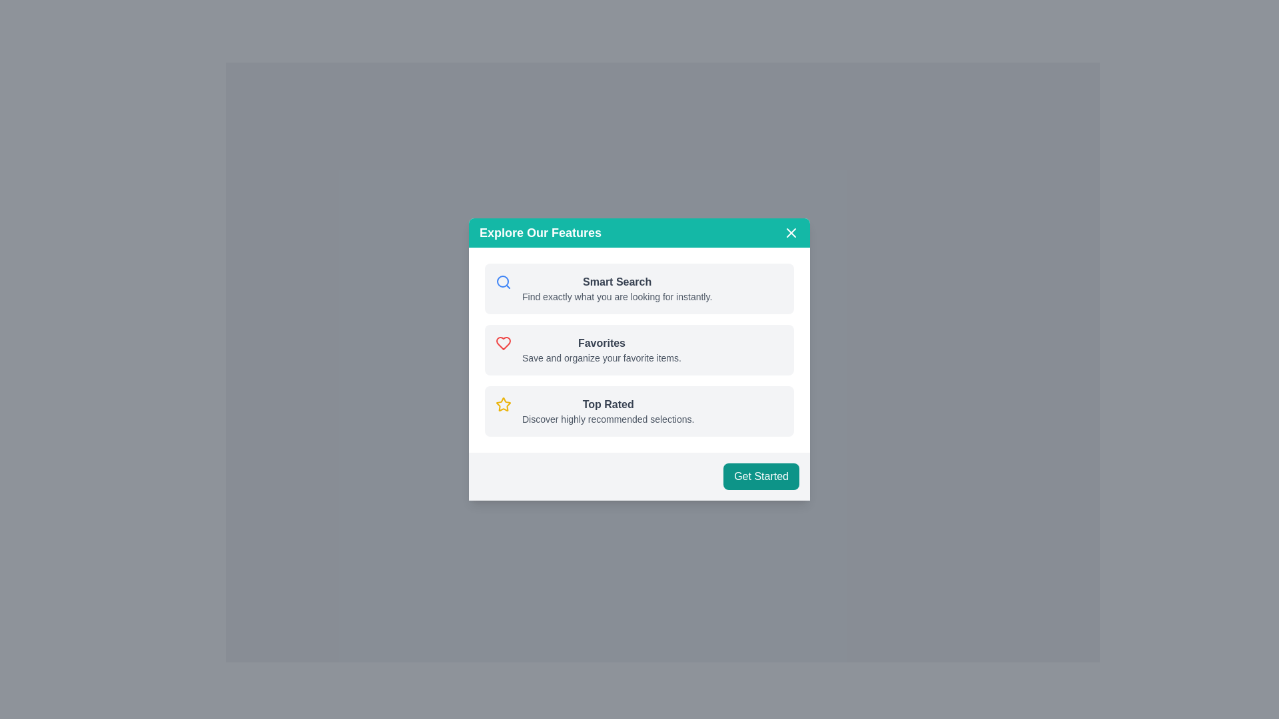 The width and height of the screenshot is (1279, 719). I want to click on the 'Favorites' section header label located centrally in the second section of the modal window, which is adjacent to a heart icon, so click(601, 343).